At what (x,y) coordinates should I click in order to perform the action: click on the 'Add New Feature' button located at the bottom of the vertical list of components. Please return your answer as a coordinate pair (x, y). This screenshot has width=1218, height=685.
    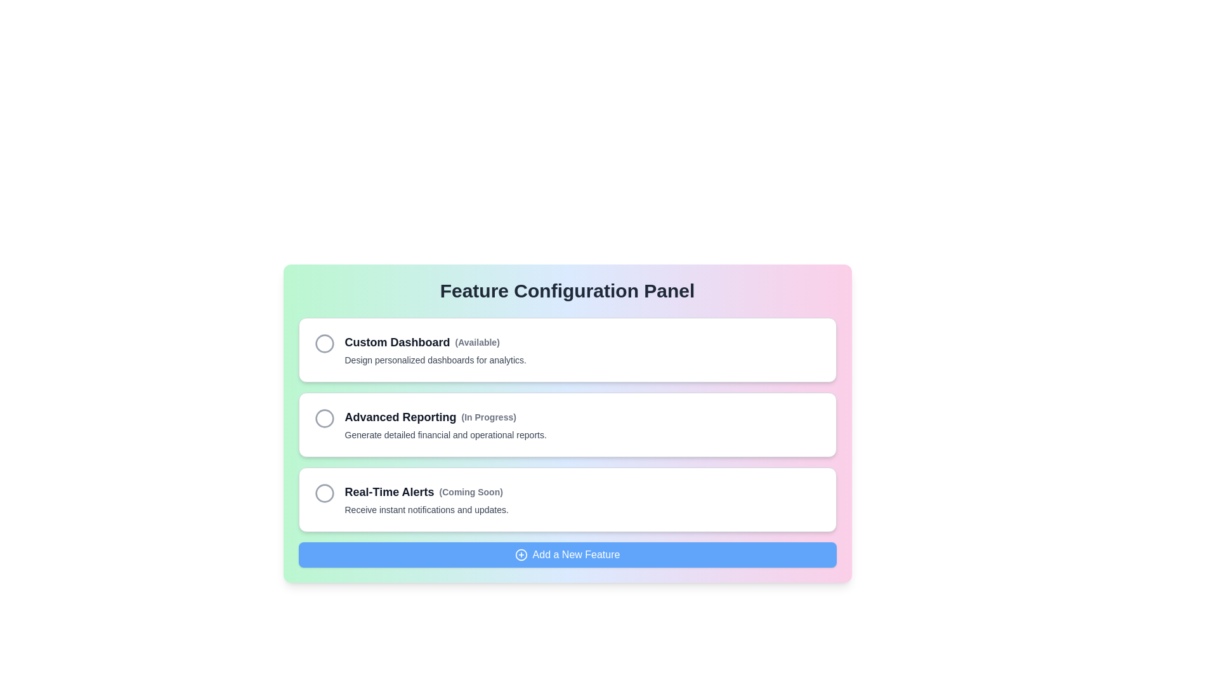
    Looking at the image, I should click on (566, 554).